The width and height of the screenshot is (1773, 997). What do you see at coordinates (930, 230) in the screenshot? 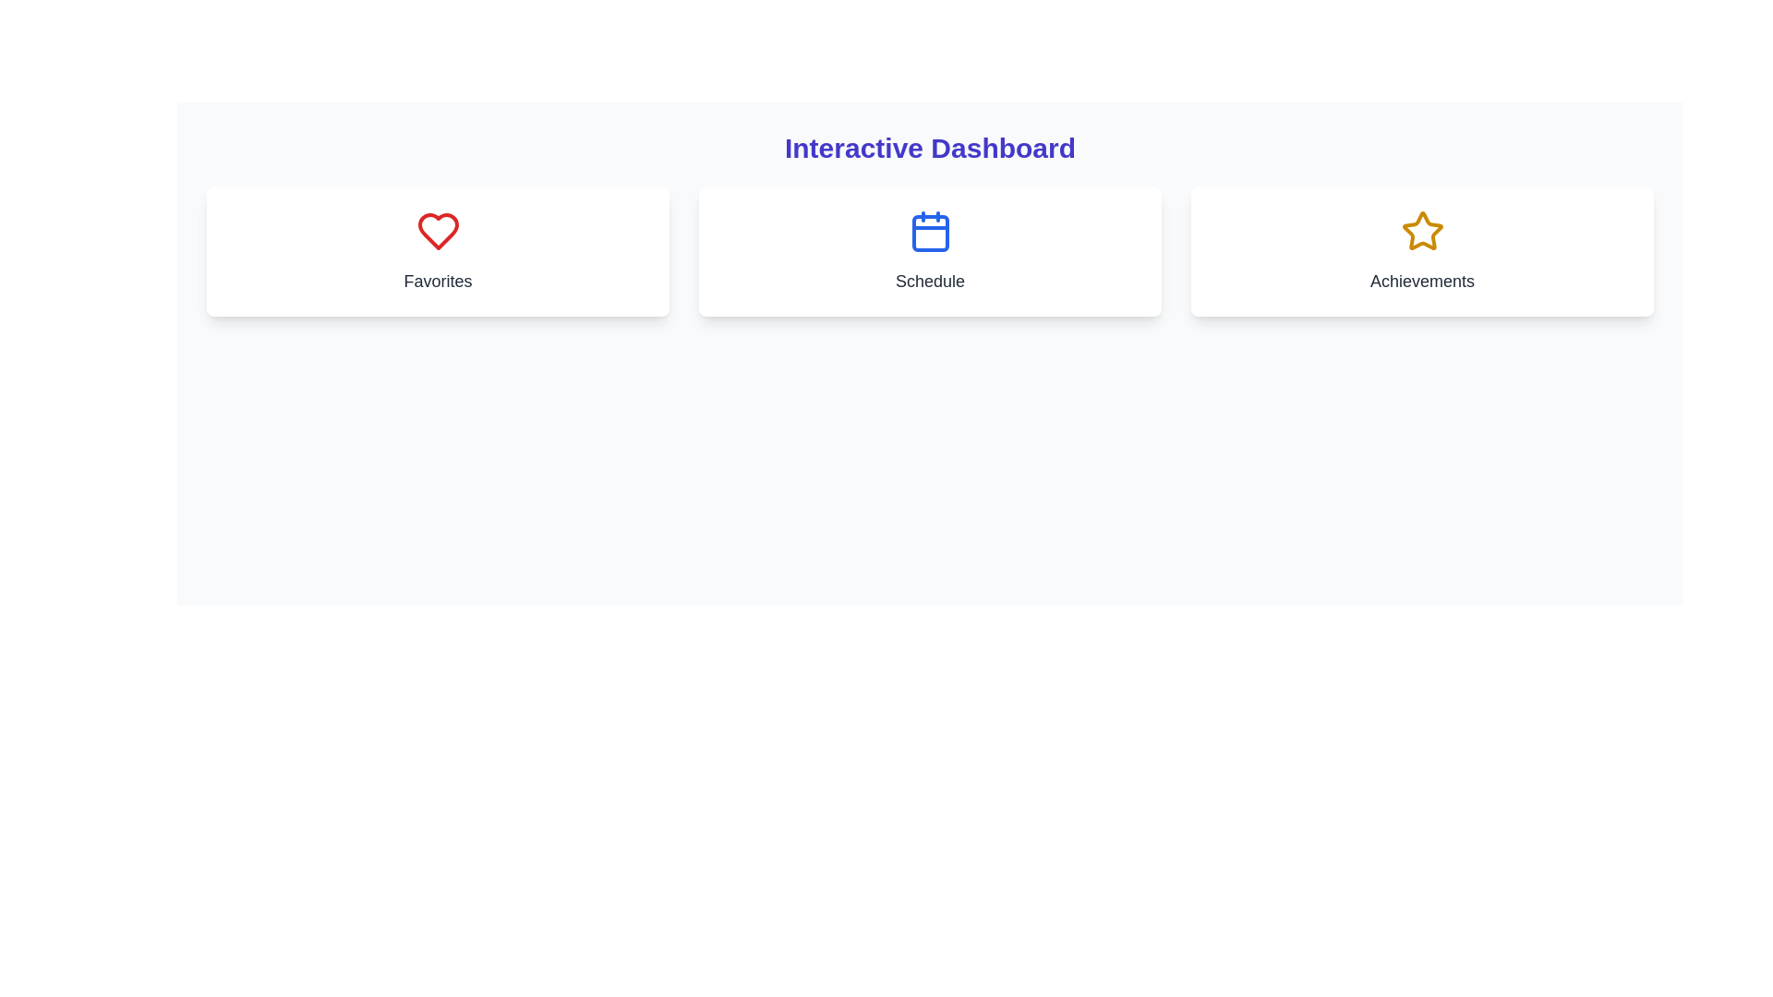
I see `the 'Schedule' icon located in the middle card of a three-card interface layout` at bounding box center [930, 230].